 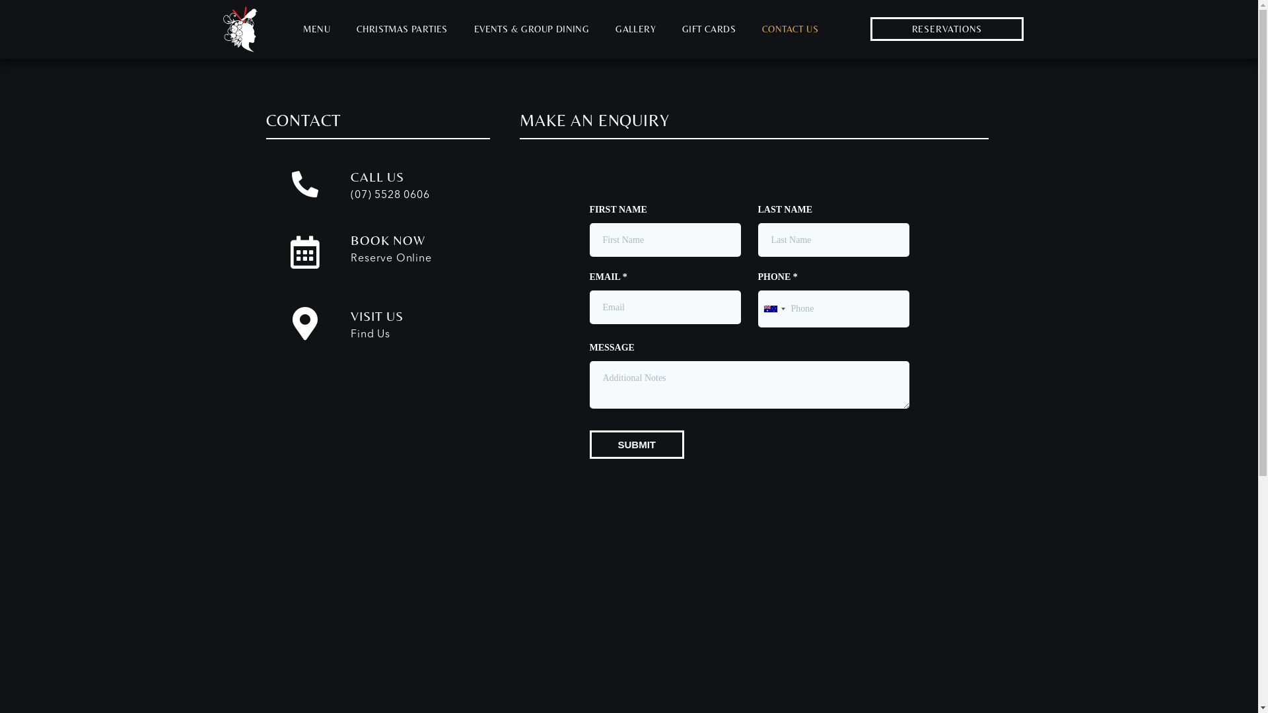 What do you see at coordinates (316, 28) in the screenshot?
I see `'MENU'` at bounding box center [316, 28].